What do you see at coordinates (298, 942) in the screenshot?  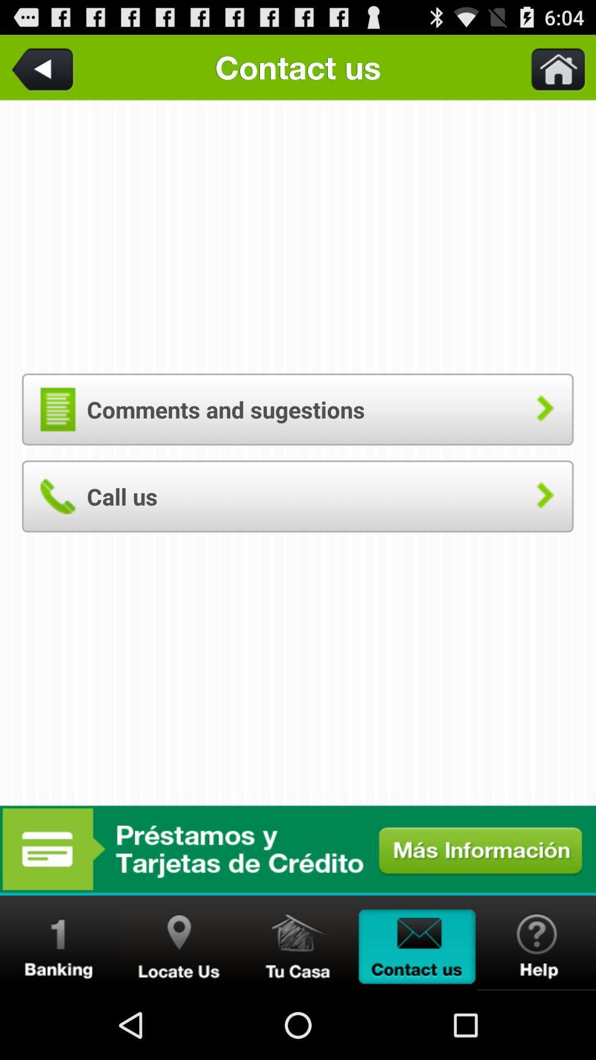 I see `home screen` at bounding box center [298, 942].